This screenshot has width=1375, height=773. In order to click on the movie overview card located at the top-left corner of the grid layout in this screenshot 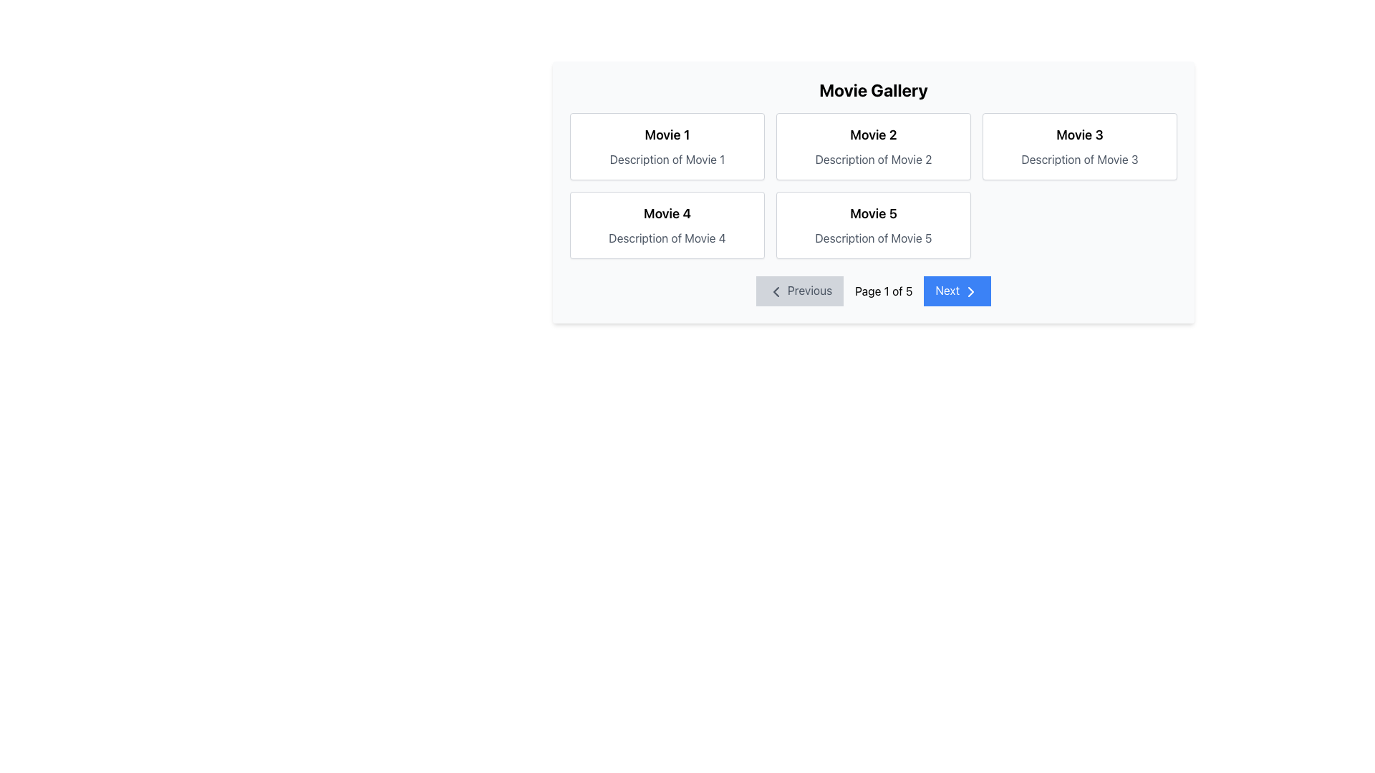, I will do `click(666, 146)`.